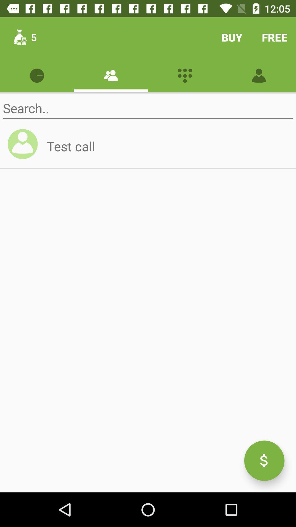 The width and height of the screenshot is (296, 527). What do you see at coordinates (275, 37) in the screenshot?
I see `icon to the right of buy` at bounding box center [275, 37].